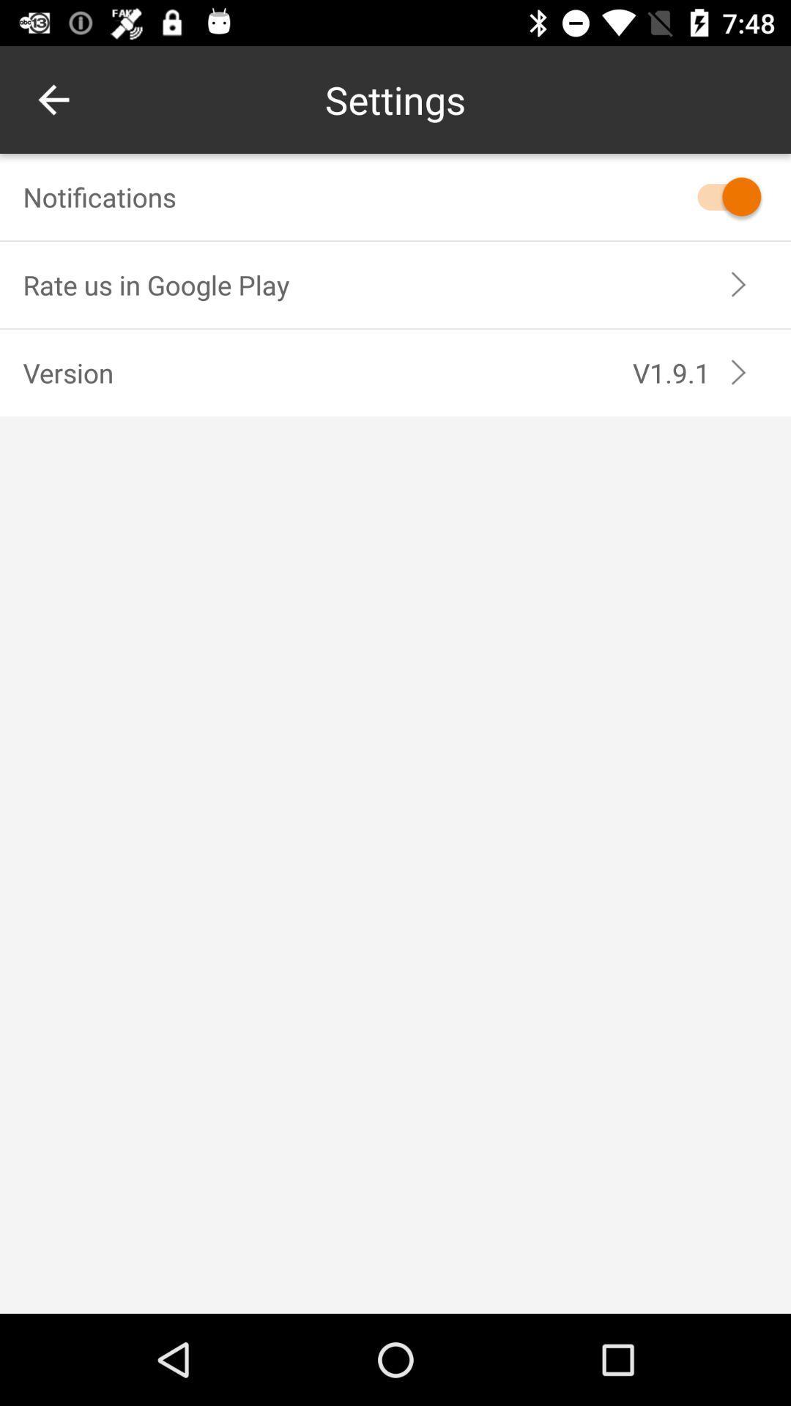  What do you see at coordinates (53, 99) in the screenshot?
I see `the item at the top left corner` at bounding box center [53, 99].